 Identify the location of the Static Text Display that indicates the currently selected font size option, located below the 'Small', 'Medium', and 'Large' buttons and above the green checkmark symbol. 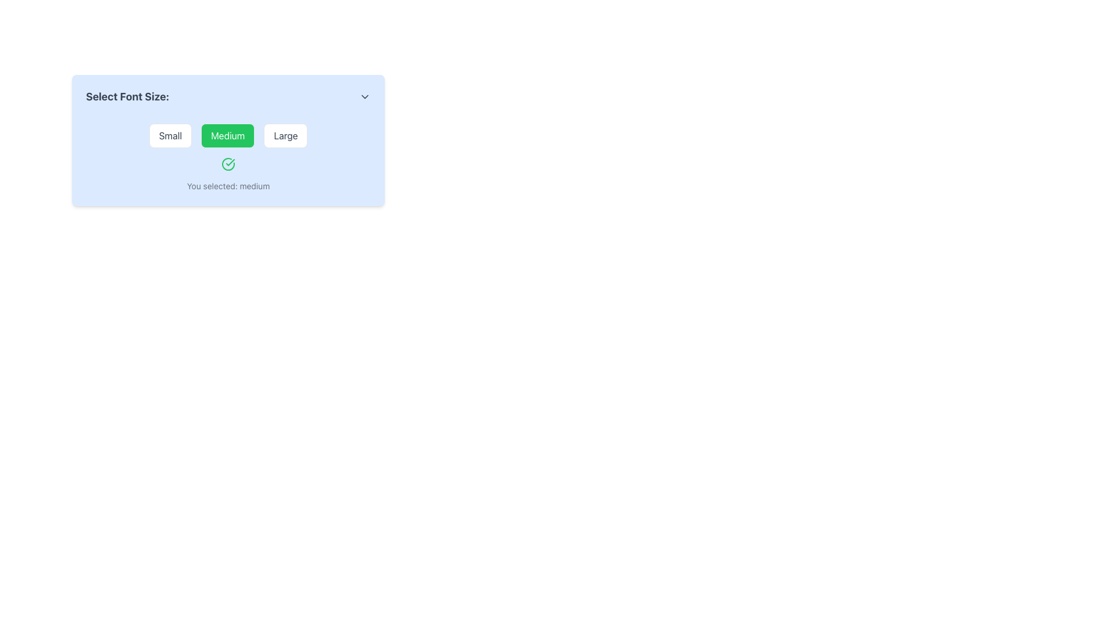
(228, 185).